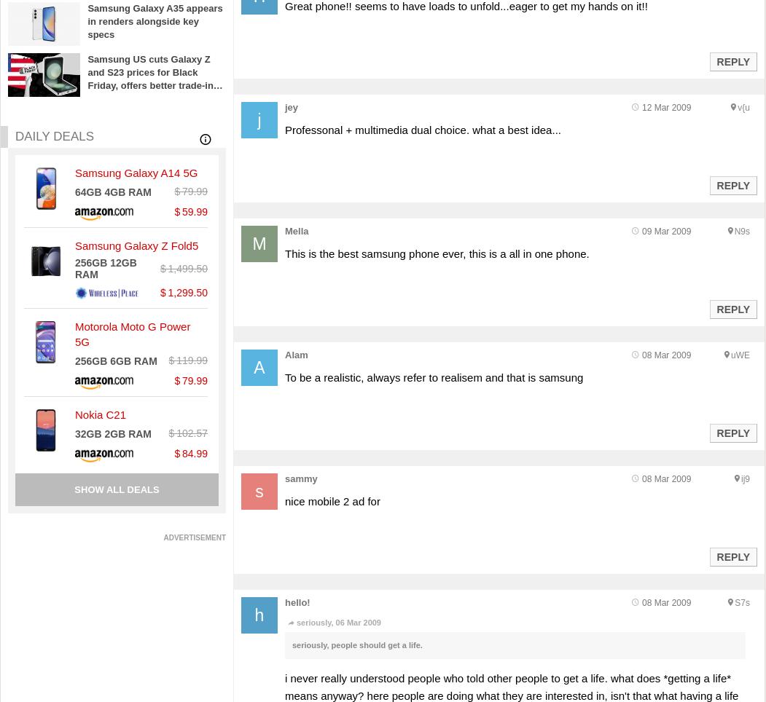 The height and width of the screenshot is (702, 766). Describe the element at coordinates (423, 129) in the screenshot. I see `'Professonal + multimedia dual choice. what a best idea...'` at that location.